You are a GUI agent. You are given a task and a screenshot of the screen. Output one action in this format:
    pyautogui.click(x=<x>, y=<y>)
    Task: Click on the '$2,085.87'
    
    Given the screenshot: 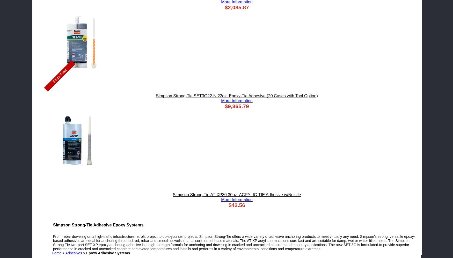 What is the action you would take?
    pyautogui.click(x=236, y=7)
    